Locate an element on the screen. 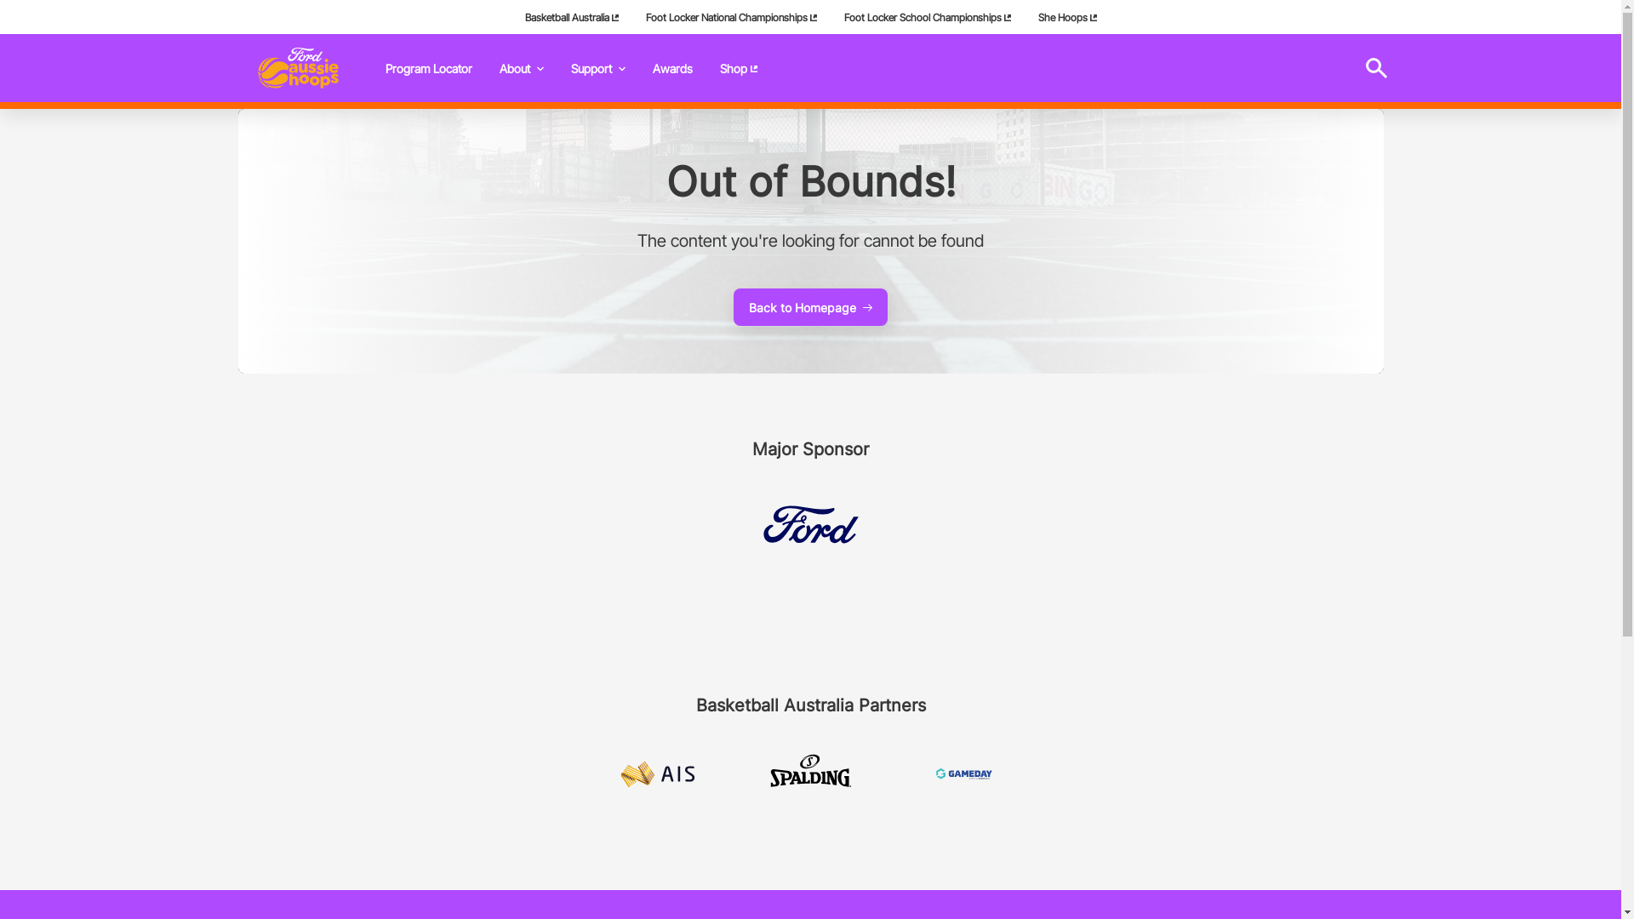 The width and height of the screenshot is (1634, 919). 'Program Locator' is located at coordinates (428, 67).